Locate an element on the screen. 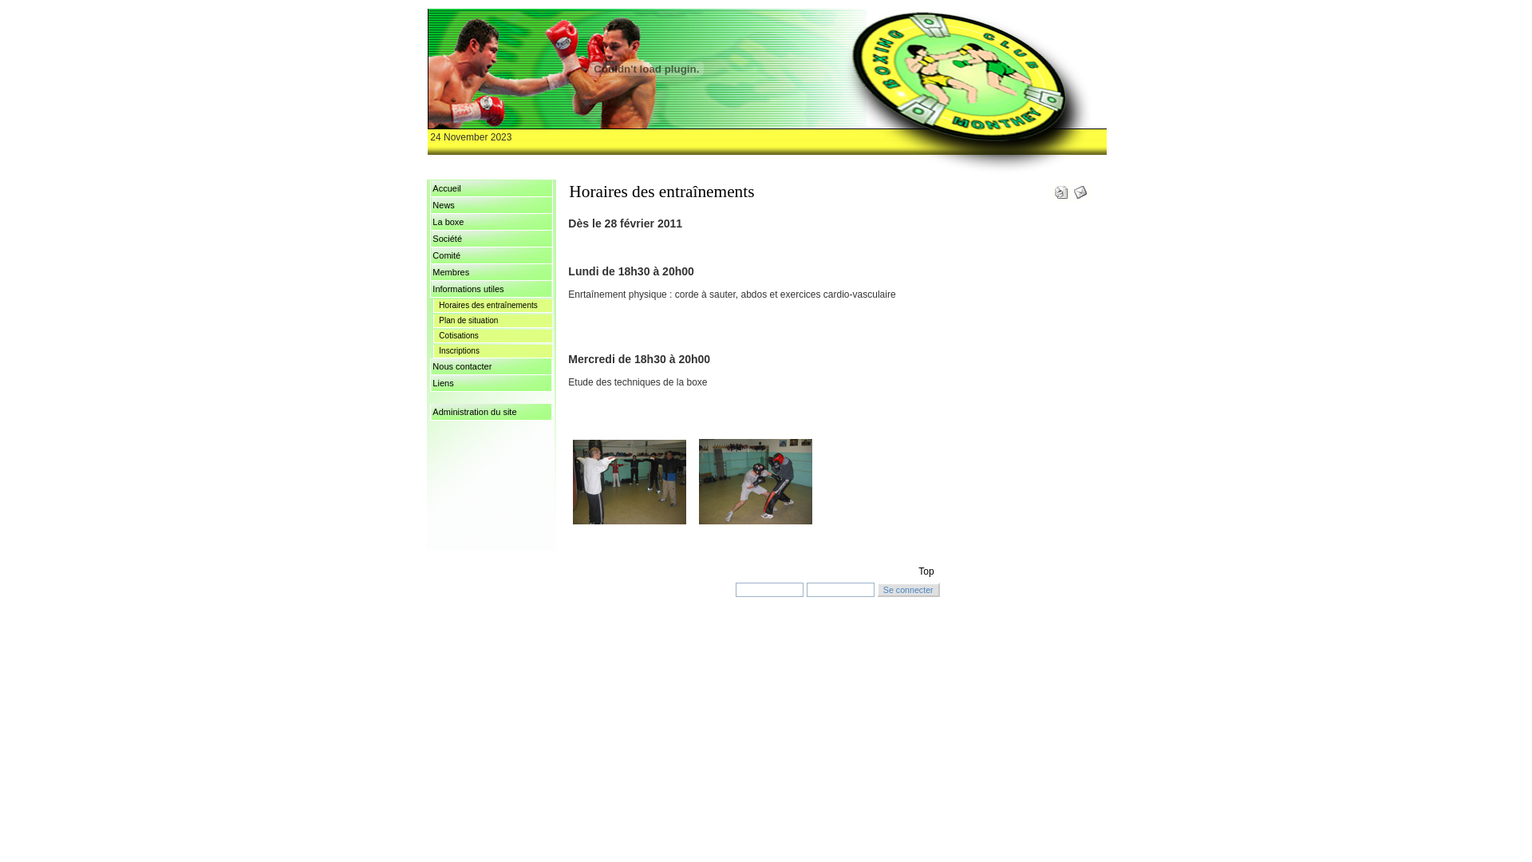 The width and height of the screenshot is (1532, 862). 'Accueil' is located at coordinates (429, 188).